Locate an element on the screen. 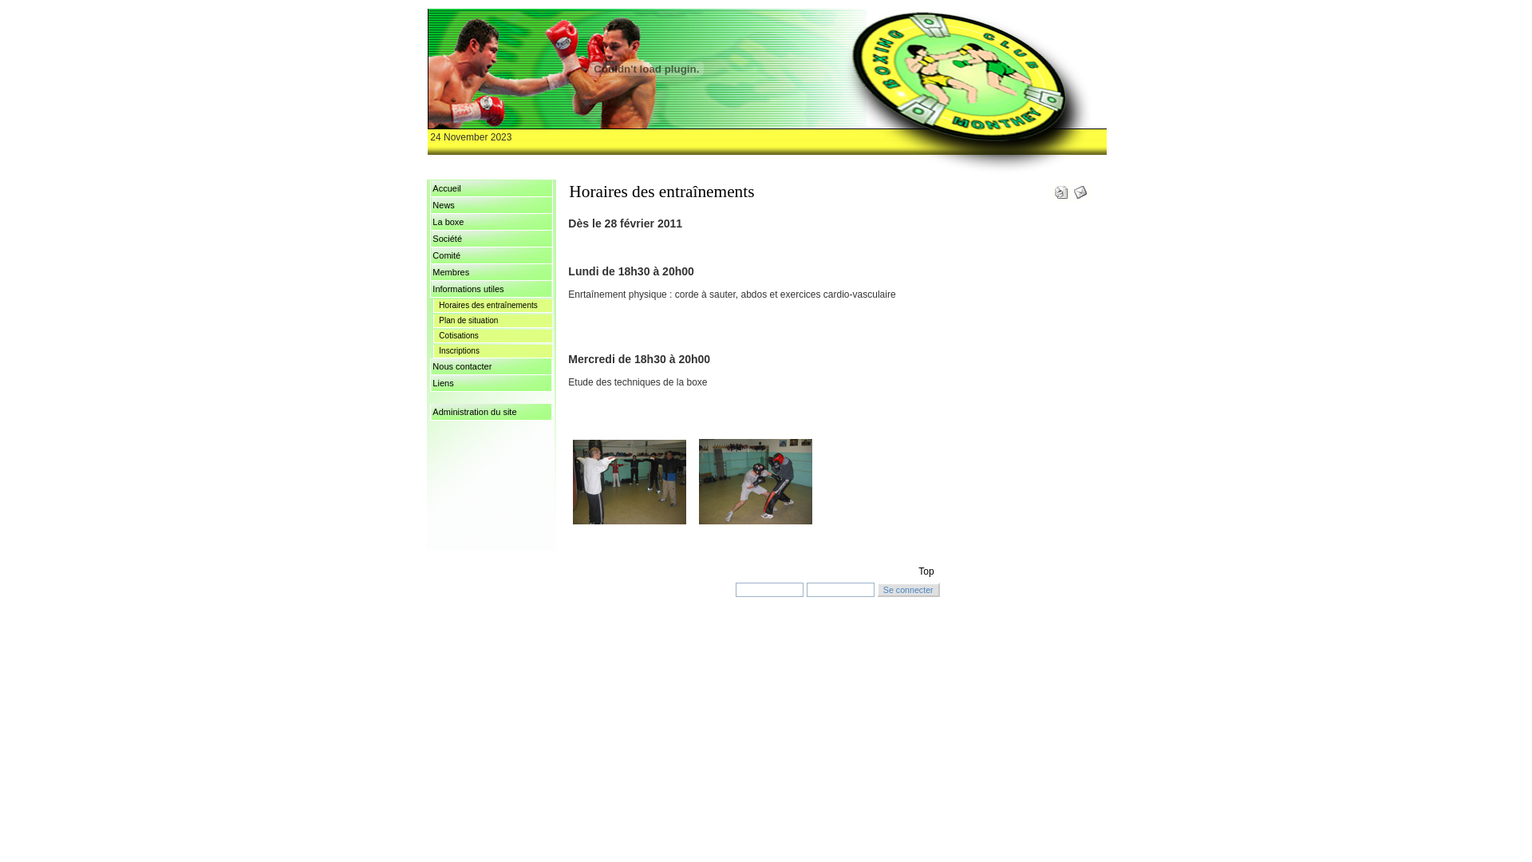 The width and height of the screenshot is (1532, 862). 'Accueil' is located at coordinates (429, 188).